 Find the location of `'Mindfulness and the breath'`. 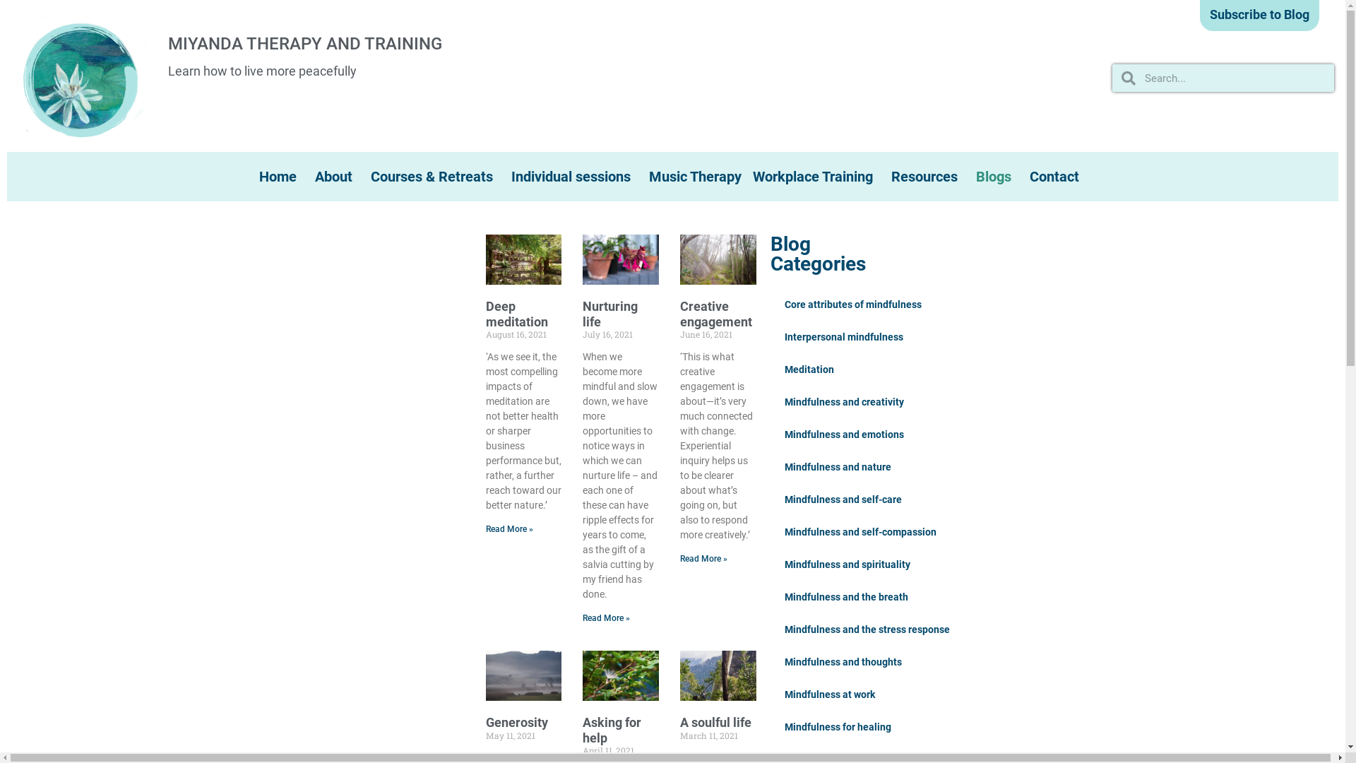

'Mindfulness and the breath' is located at coordinates (846, 596).